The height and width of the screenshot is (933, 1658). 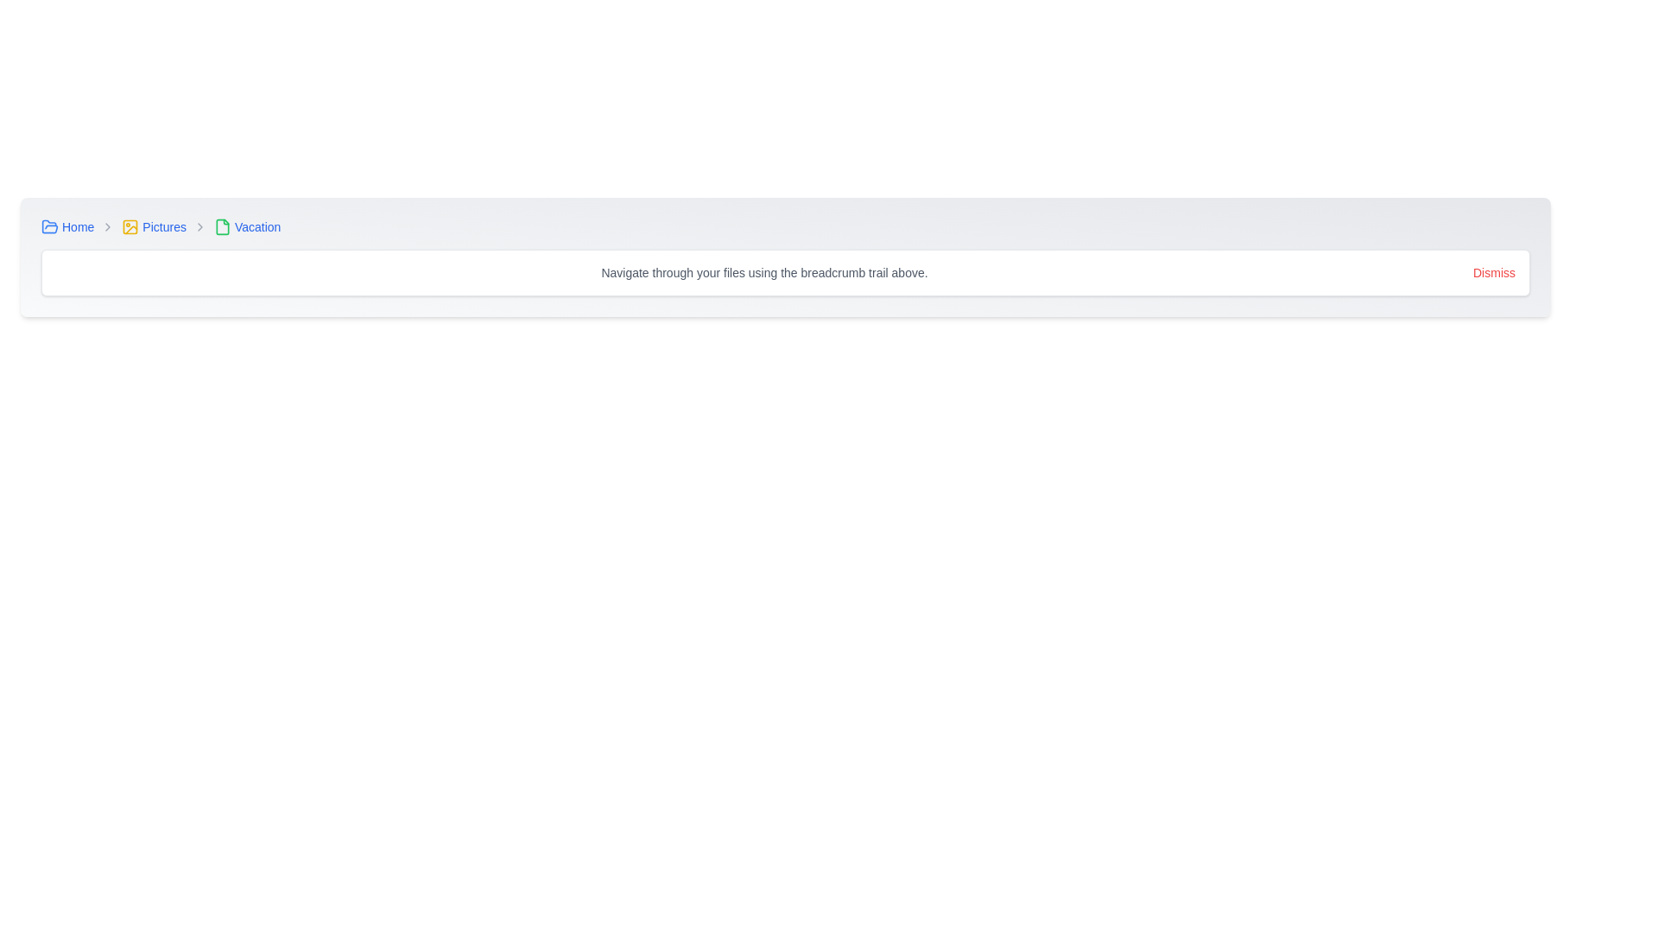 I want to click on the document icon in the breadcrumb navigation bar, located next to the label 'Vacation', so click(x=221, y=225).